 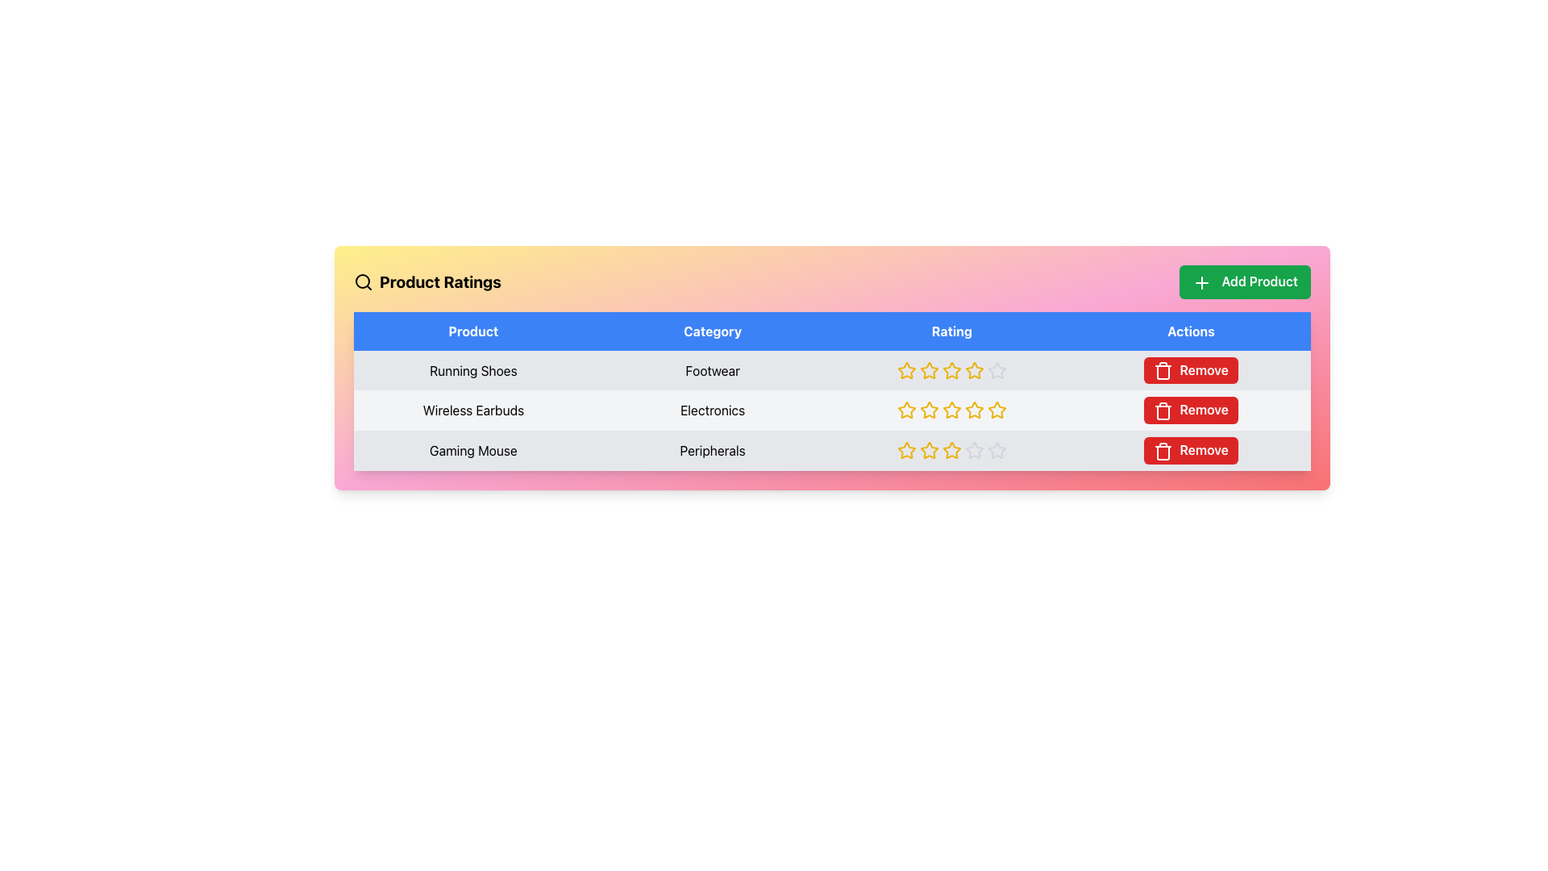 I want to click on the text cell in the 'Category' column of the first row of the table, which is located between the 'Running Shoes' cell and the 'Rating' column, so click(x=712, y=370).